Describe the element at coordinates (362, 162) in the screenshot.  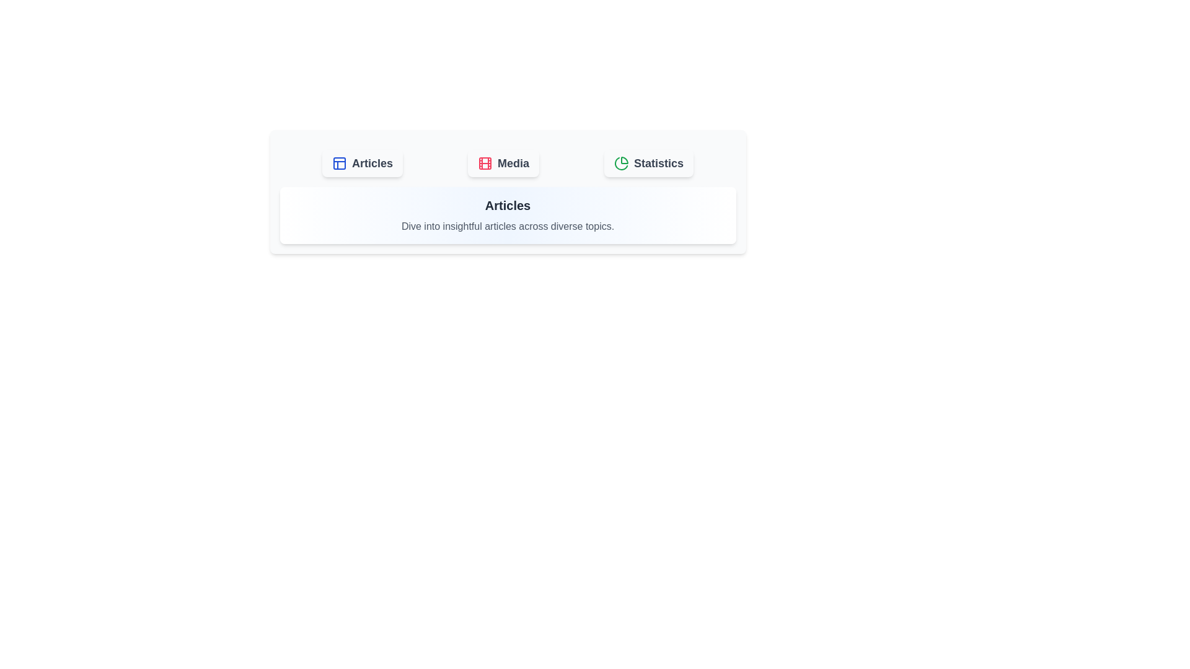
I see `the Articles tab to switch the displayed content` at that location.